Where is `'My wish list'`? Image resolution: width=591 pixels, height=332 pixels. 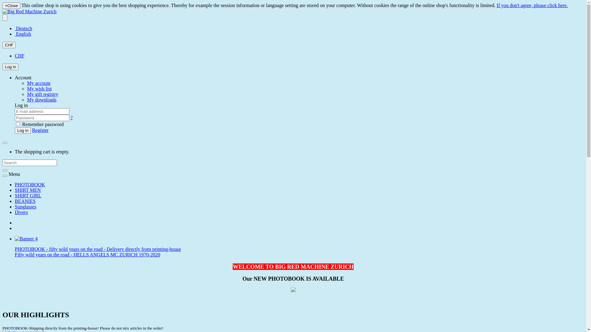
'My wish list' is located at coordinates (39, 89).